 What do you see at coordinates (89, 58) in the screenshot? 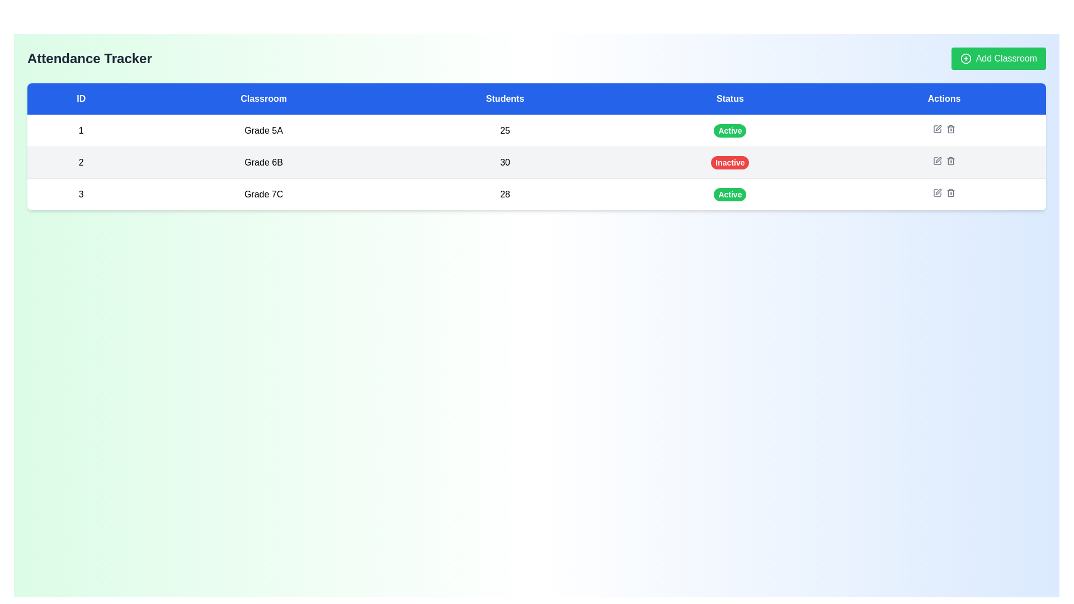
I see `the static text label that serves as the title or heading of the page, located in the header section to the left of the 'Add Classroom' button` at bounding box center [89, 58].